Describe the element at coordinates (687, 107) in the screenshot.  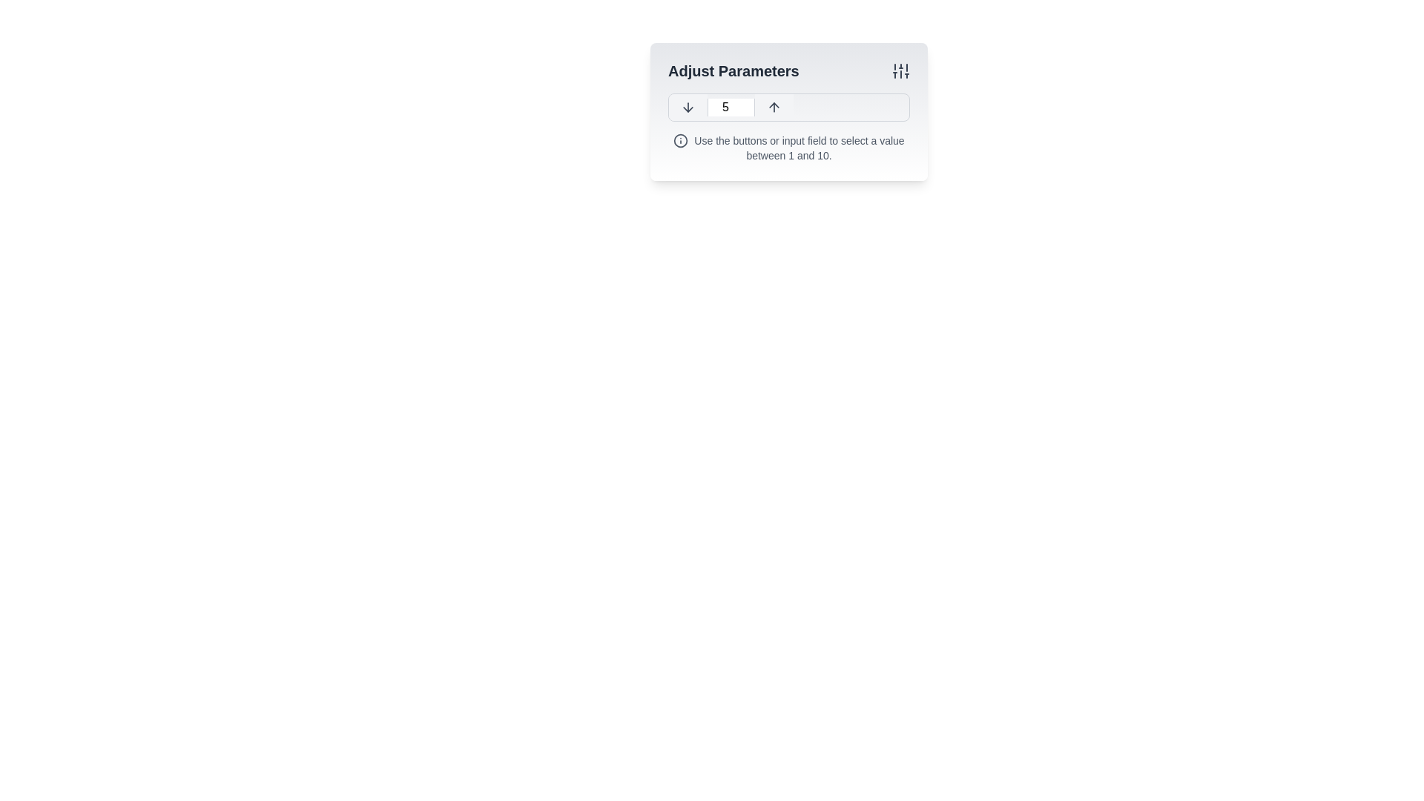
I see `the button located on the left side of the numeric input field displaying '5' to decrease the value by one unit` at that location.